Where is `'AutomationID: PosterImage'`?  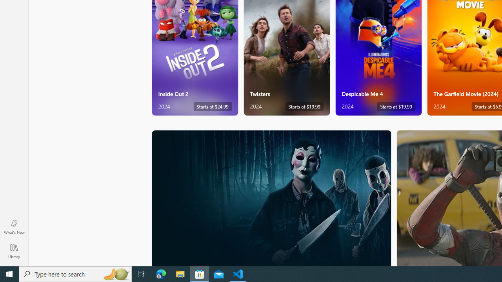 'AutomationID: PosterImage' is located at coordinates (271, 198).